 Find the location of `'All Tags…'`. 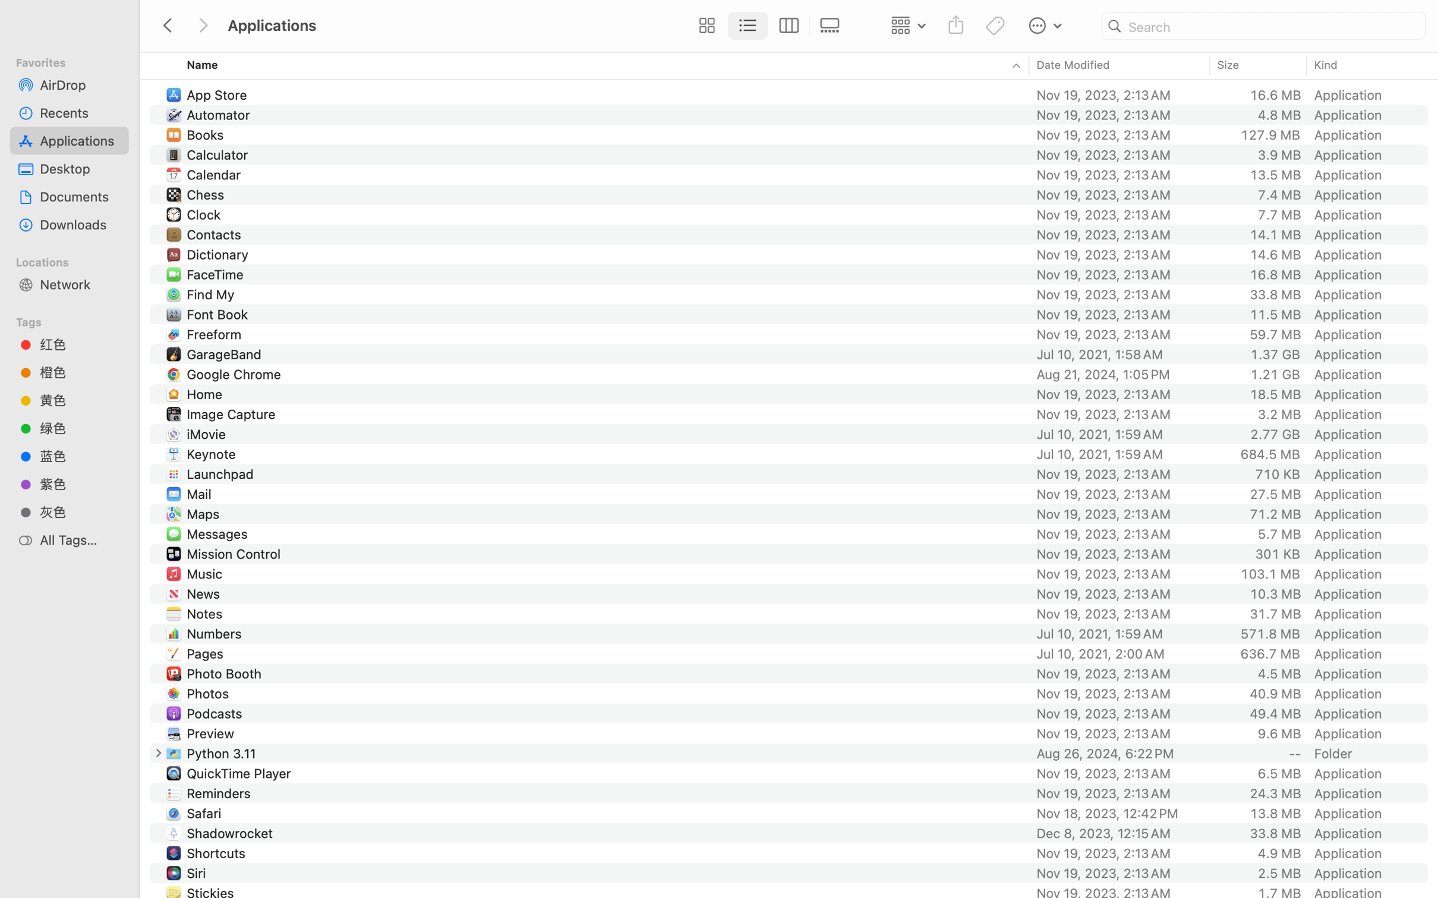

'All Tags…' is located at coordinates (80, 539).